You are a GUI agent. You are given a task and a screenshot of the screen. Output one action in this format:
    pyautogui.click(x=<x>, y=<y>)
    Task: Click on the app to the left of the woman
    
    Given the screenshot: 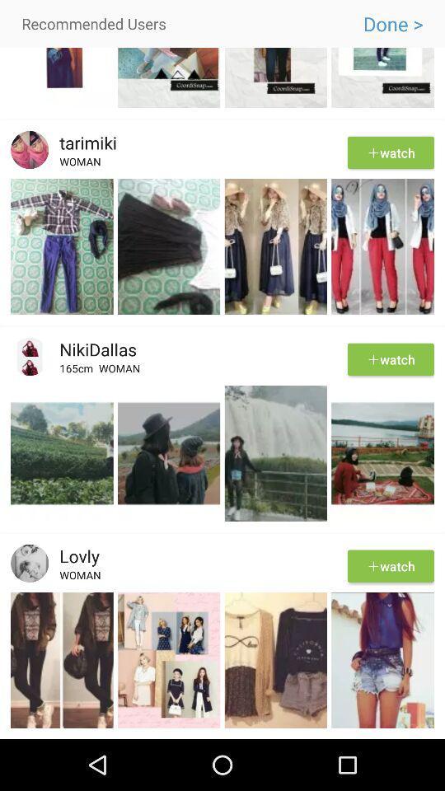 What is the action you would take?
    pyautogui.click(x=78, y=371)
    